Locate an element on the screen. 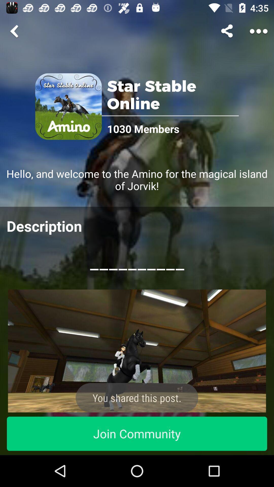  share the article is located at coordinates (259, 31).